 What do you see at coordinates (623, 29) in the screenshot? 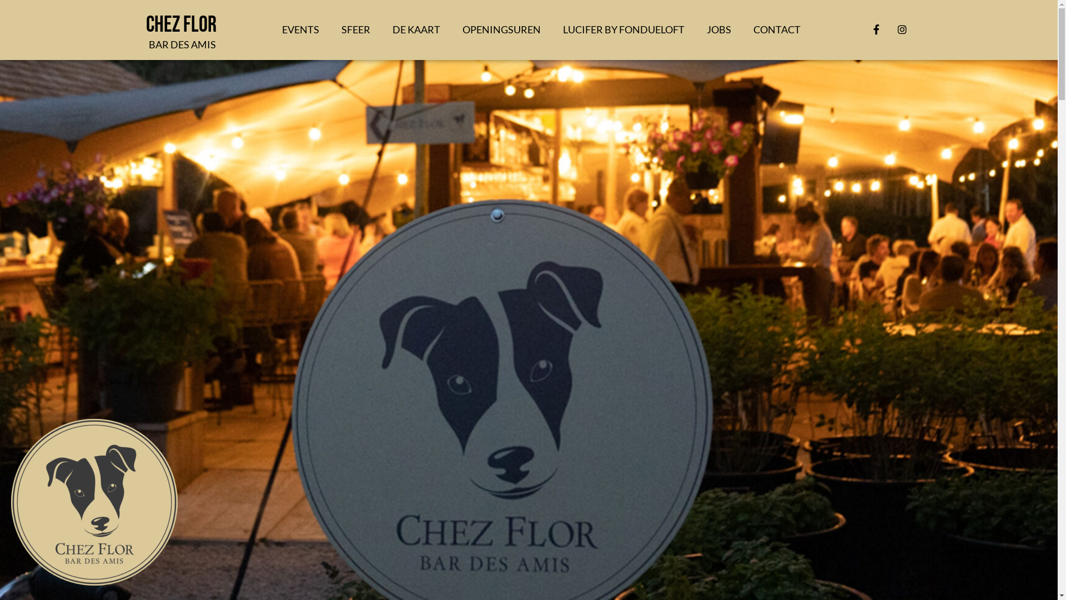
I see `'LUCIFER BY FONDUELOFT'` at bounding box center [623, 29].